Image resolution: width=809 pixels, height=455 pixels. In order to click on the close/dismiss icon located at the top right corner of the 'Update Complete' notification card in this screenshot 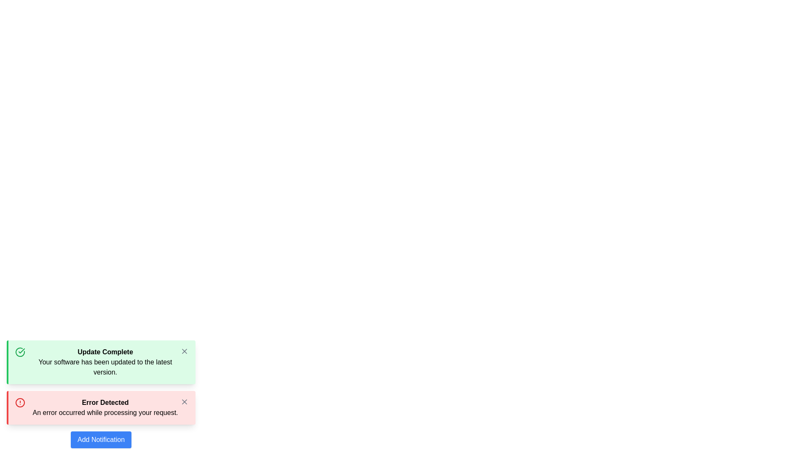, I will do `click(184, 351)`.